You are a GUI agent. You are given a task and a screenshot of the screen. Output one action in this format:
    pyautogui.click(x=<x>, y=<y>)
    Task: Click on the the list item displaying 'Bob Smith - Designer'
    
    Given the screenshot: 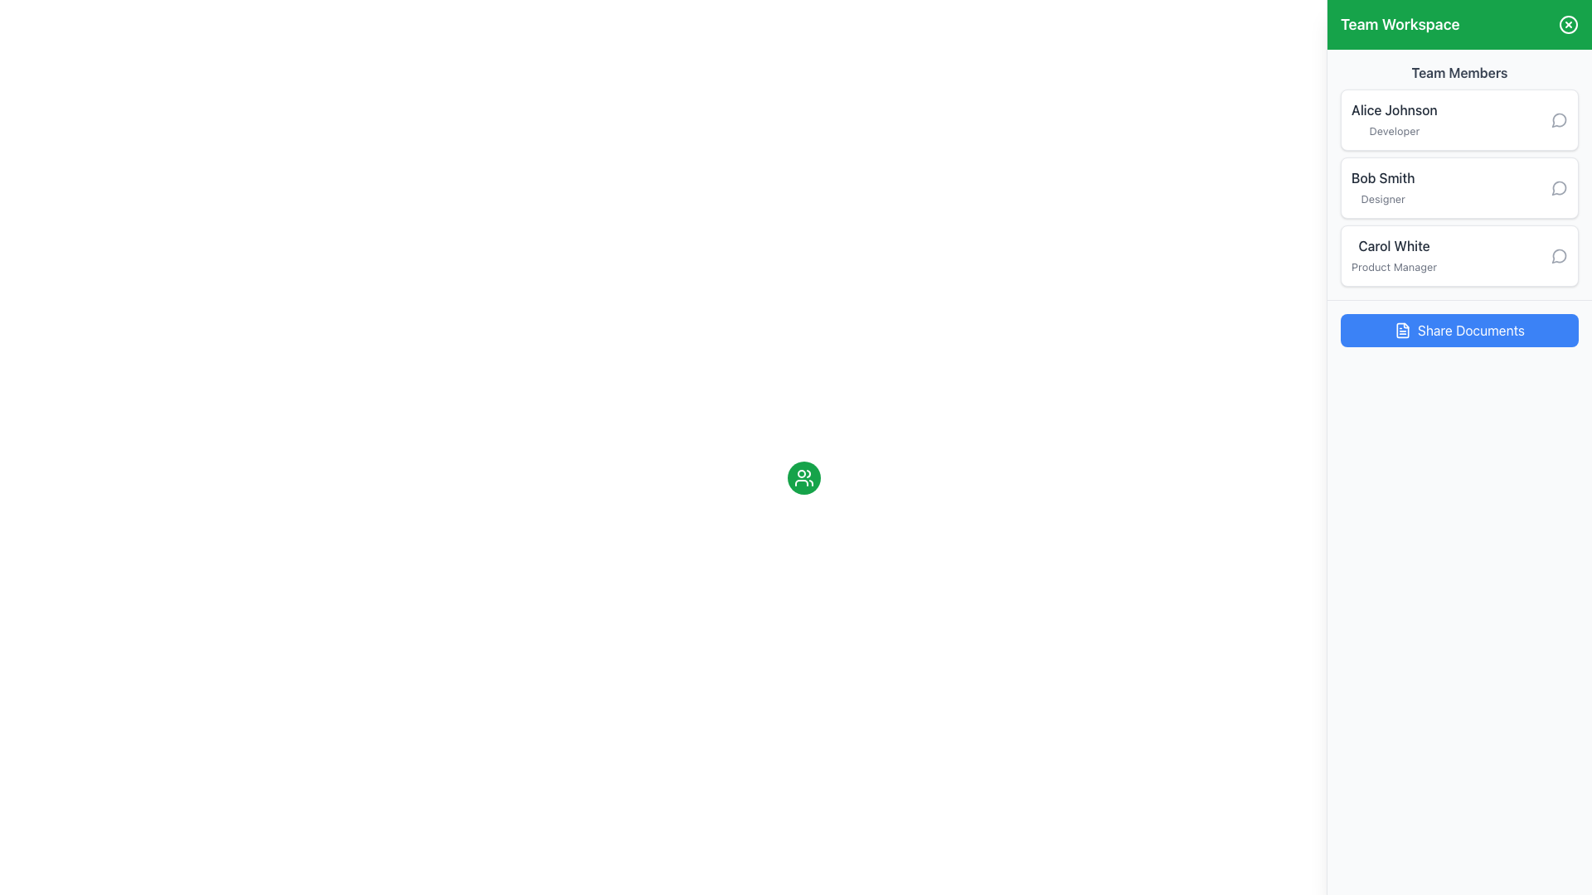 What is the action you would take?
    pyautogui.click(x=1459, y=187)
    